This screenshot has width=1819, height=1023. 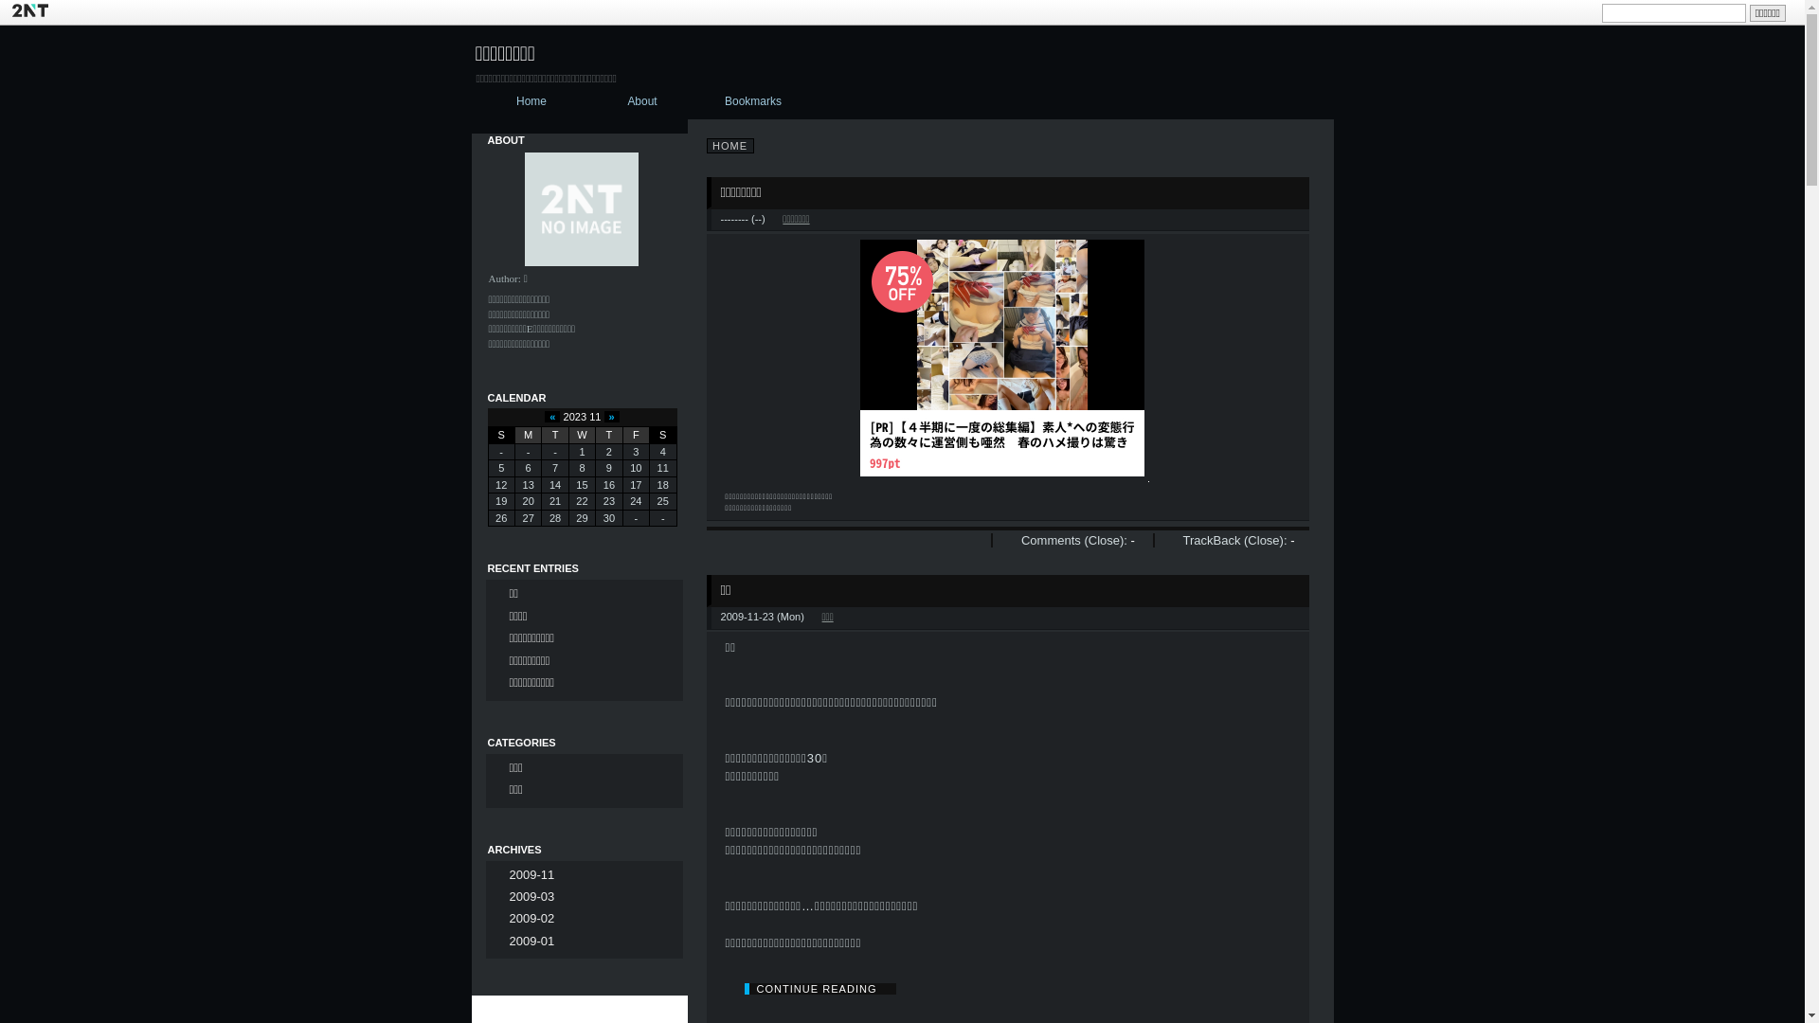 What do you see at coordinates (698, 102) in the screenshot?
I see `'Bookmarks'` at bounding box center [698, 102].